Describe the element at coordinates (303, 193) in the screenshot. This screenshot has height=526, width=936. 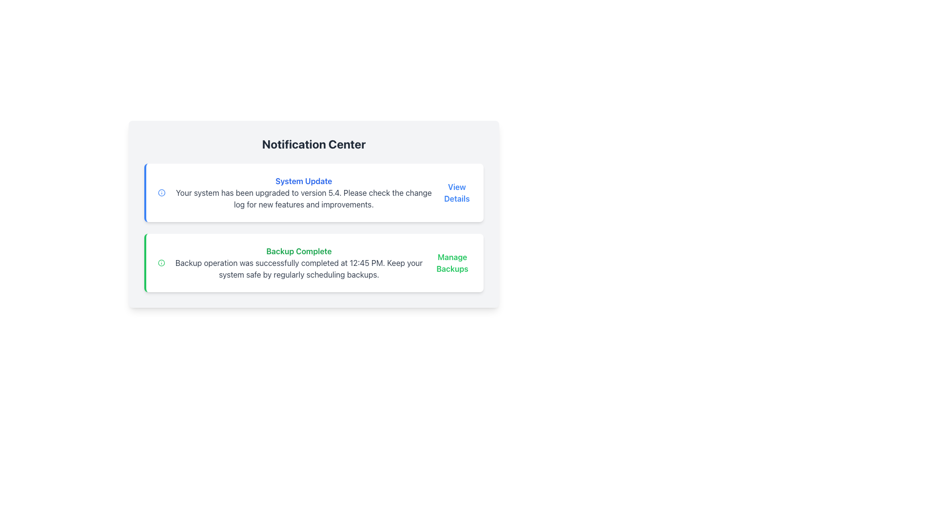
I see `informational text block located in the first notification card of the notification center, which provides details about the recent system update` at that location.